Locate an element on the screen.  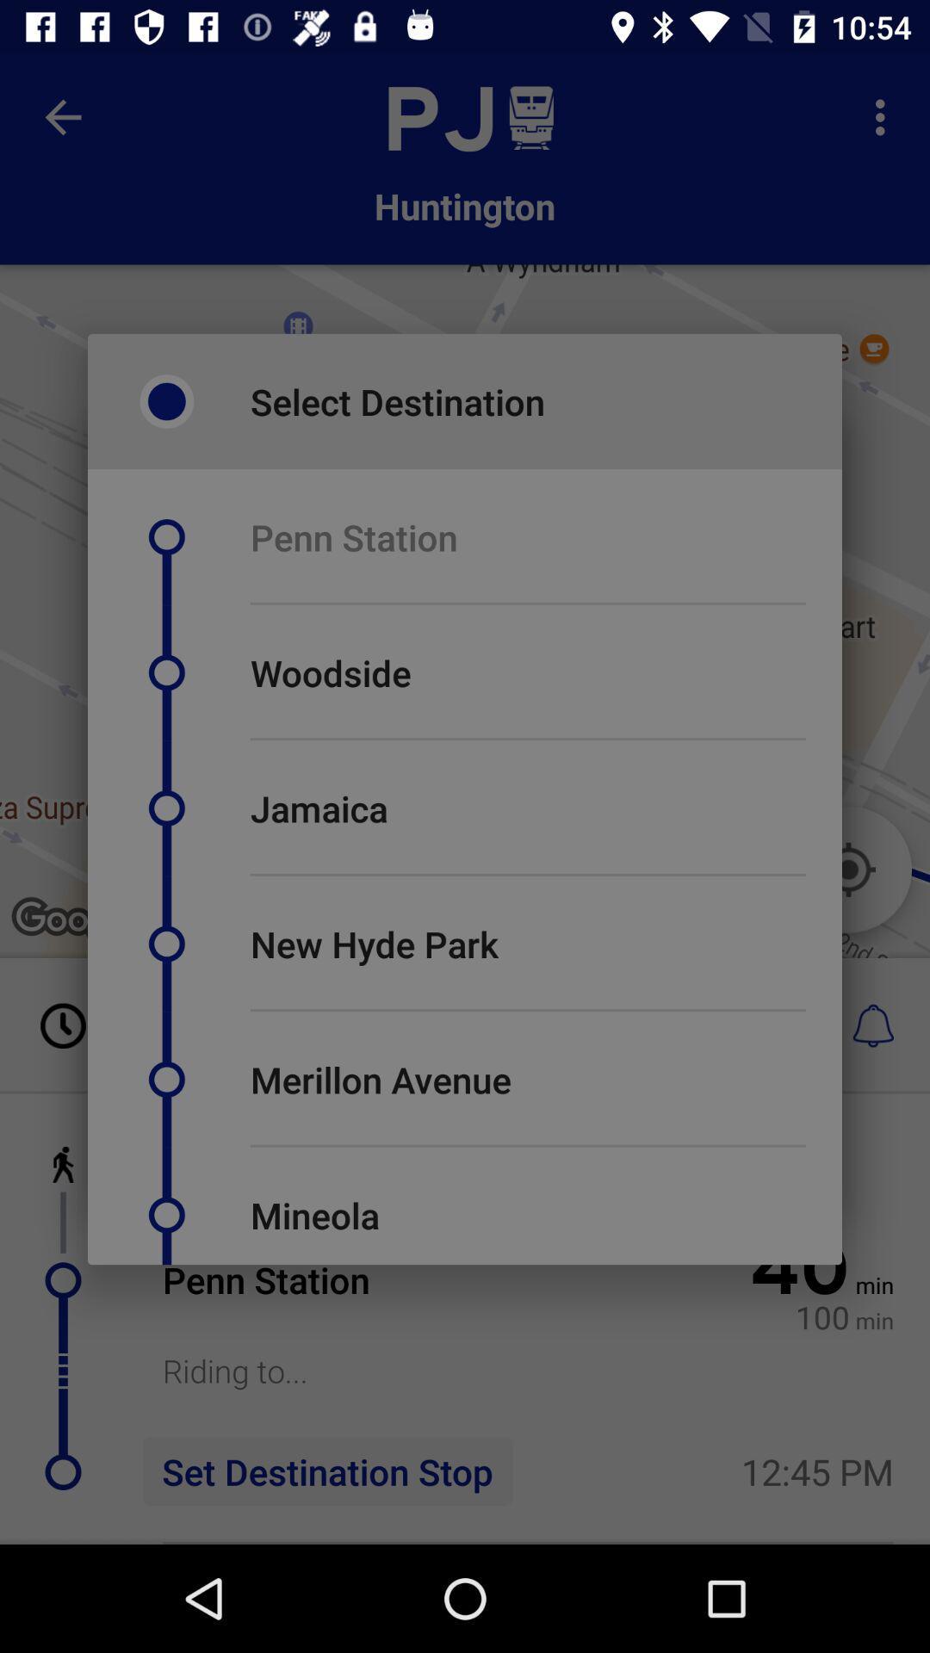
the icon above woodside icon is located at coordinates (527, 604).